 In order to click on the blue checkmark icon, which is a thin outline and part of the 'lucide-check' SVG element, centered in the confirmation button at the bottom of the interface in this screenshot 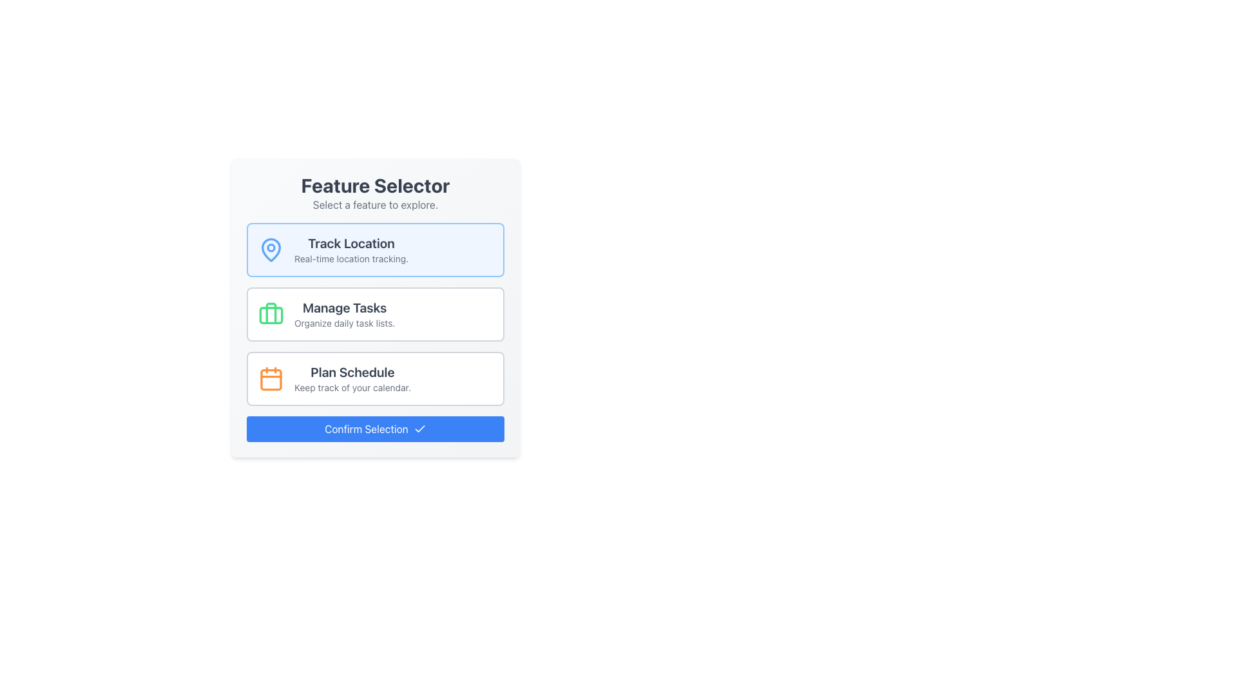, I will do `click(419, 429)`.